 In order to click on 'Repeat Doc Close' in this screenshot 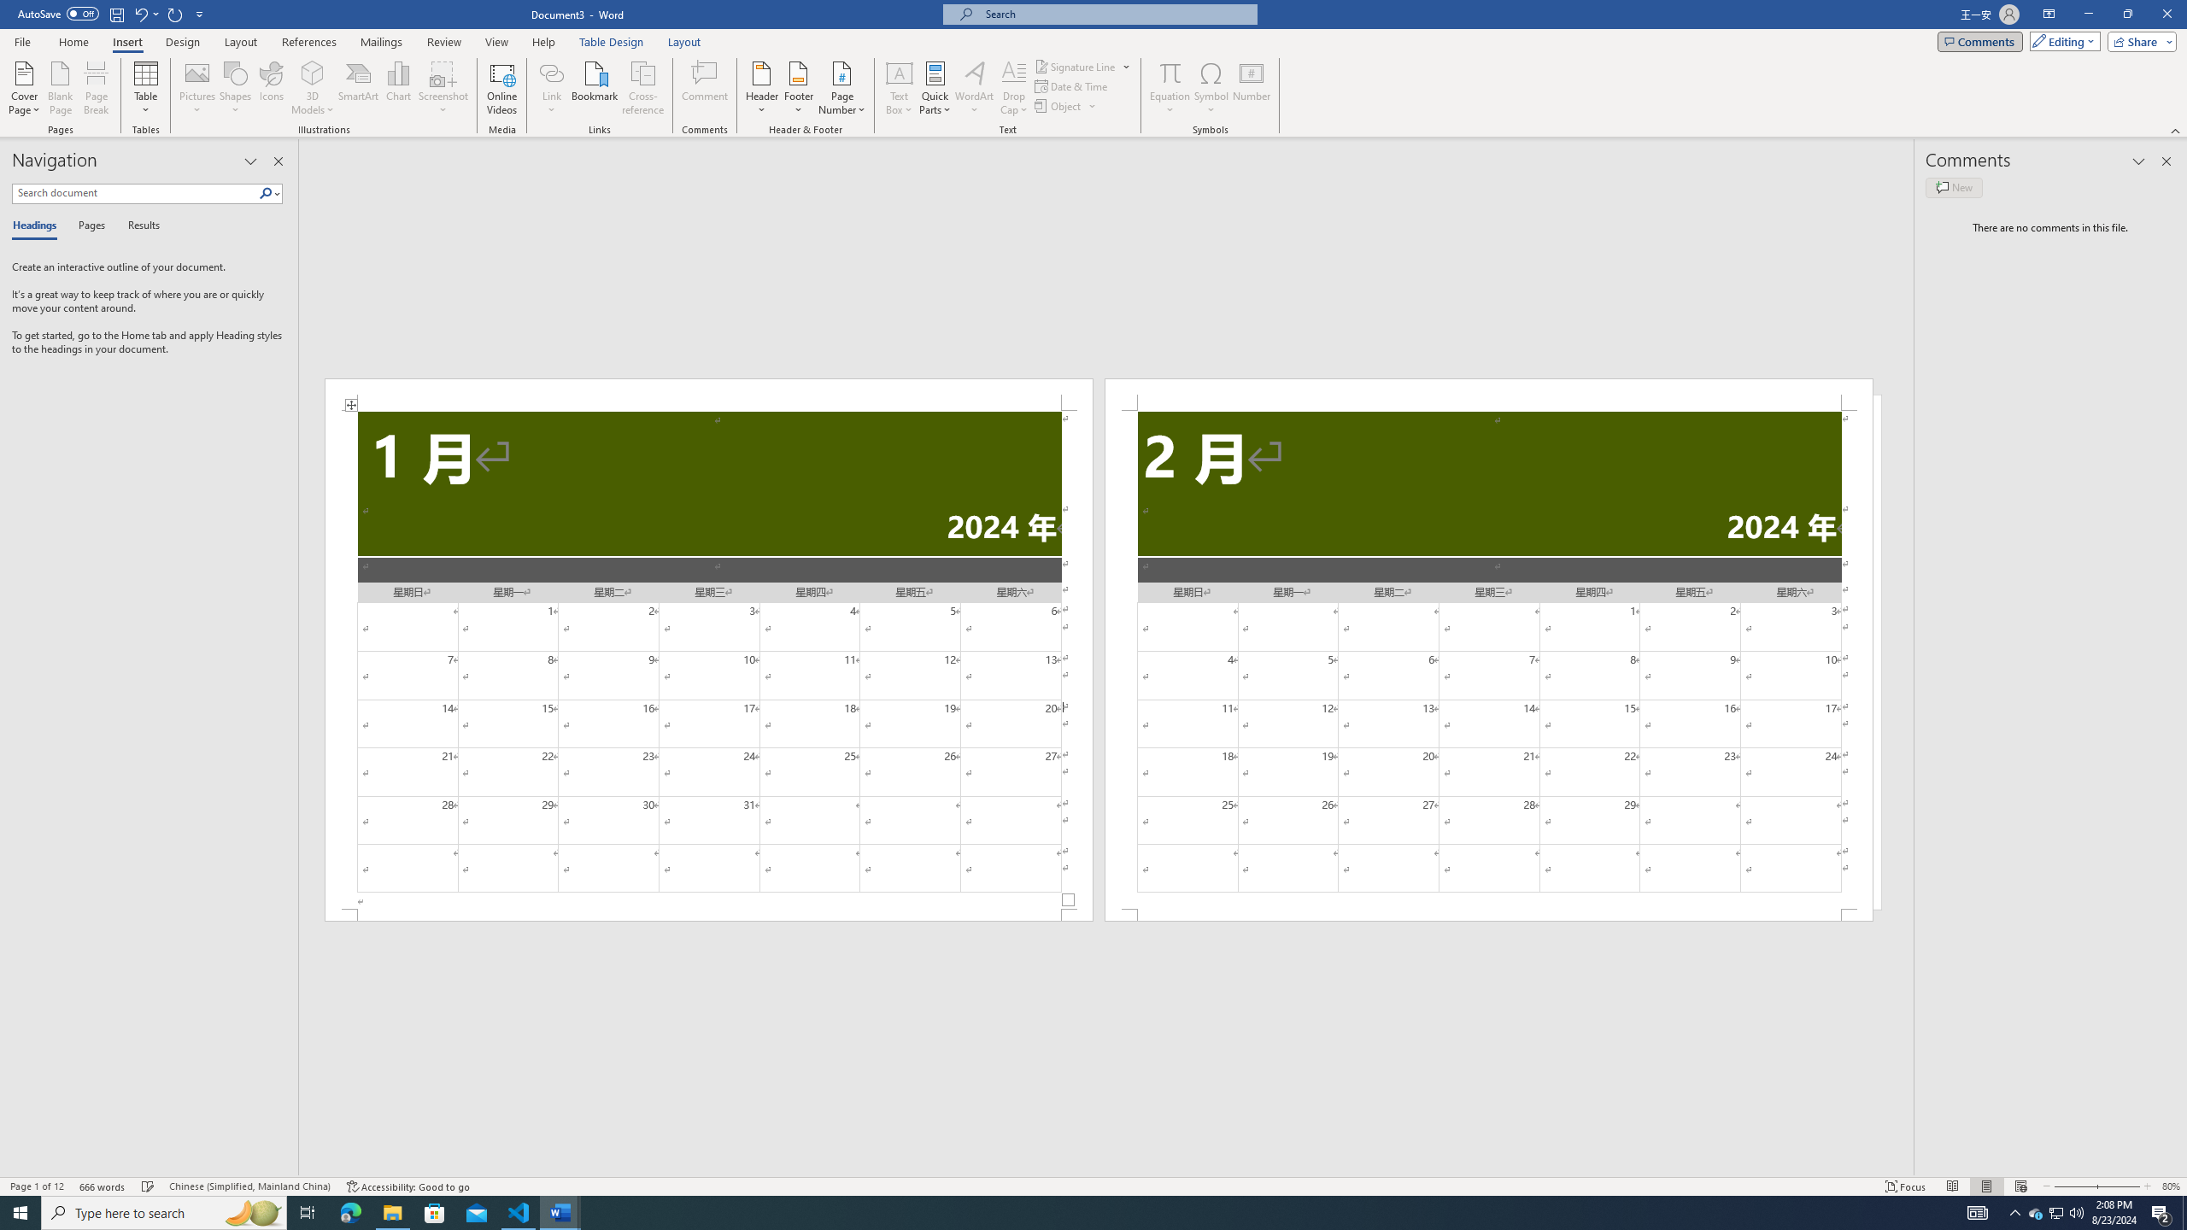, I will do `click(175, 13)`.